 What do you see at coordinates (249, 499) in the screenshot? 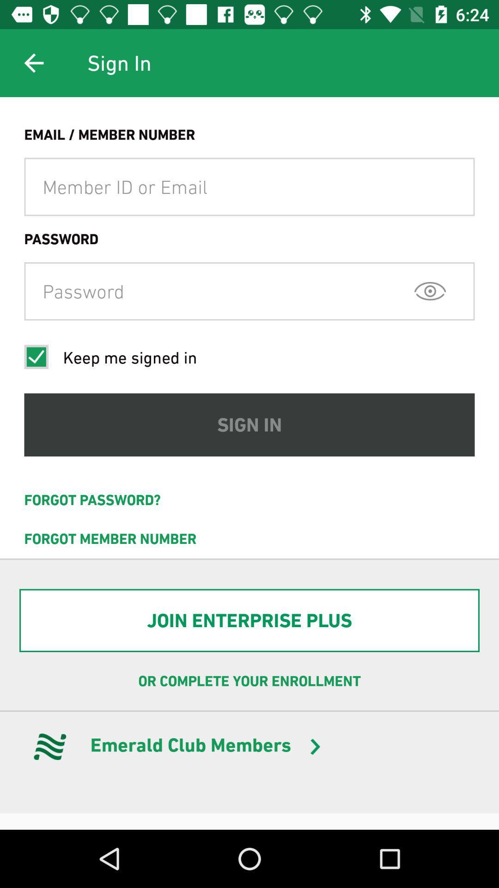
I see `the icon above forgot member number icon` at bounding box center [249, 499].